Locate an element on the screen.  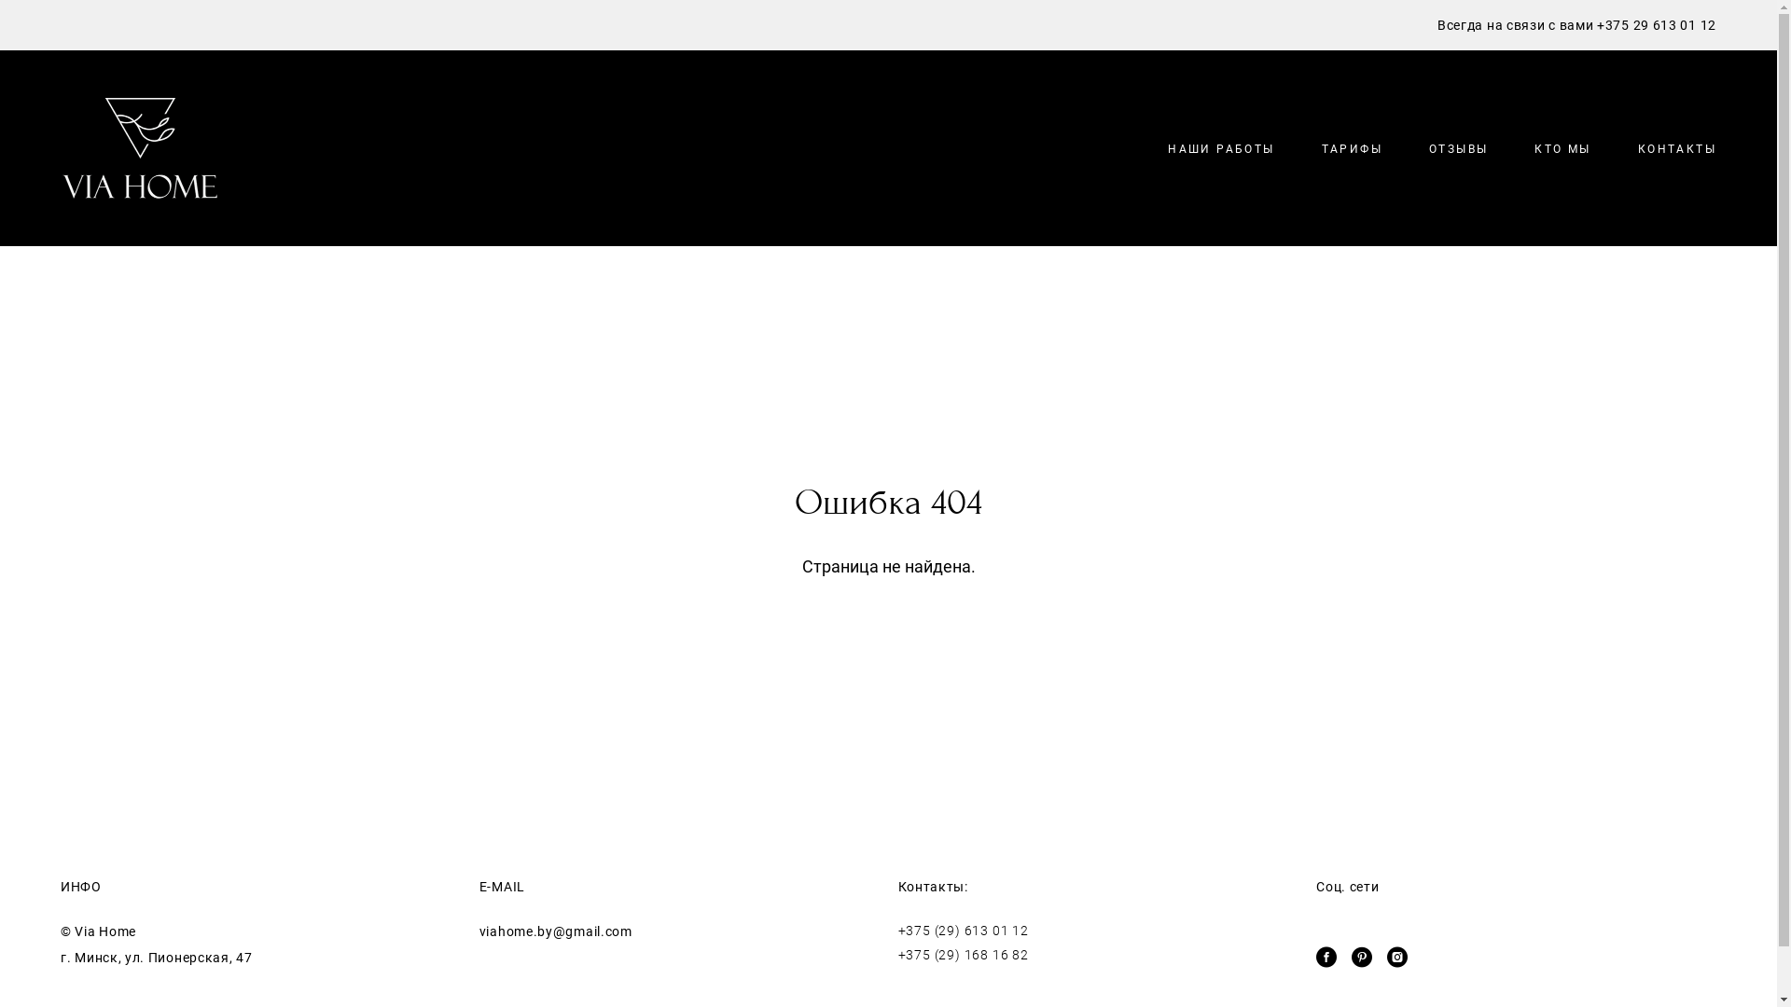
'+375 29 613 01 ' is located at coordinates (1648, 24).